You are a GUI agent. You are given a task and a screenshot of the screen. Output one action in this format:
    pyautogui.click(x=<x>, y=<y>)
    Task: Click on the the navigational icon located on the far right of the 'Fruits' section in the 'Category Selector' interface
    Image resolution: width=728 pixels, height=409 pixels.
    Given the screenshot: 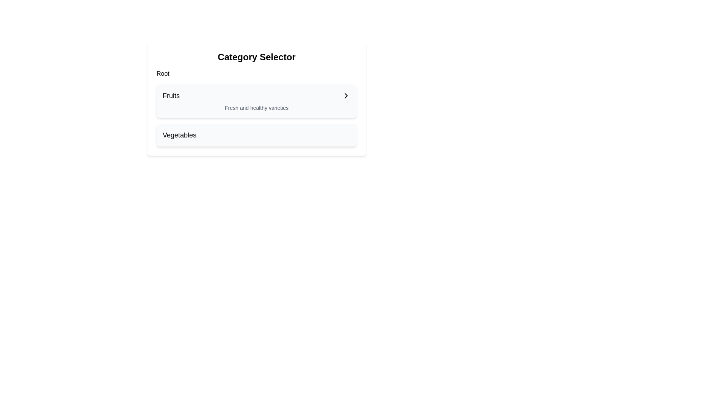 What is the action you would take?
    pyautogui.click(x=345, y=95)
    